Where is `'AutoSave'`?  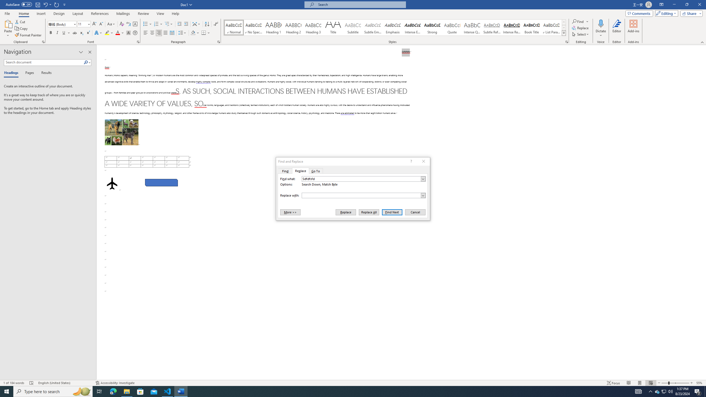 'AutoSave' is located at coordinates (19, 4).